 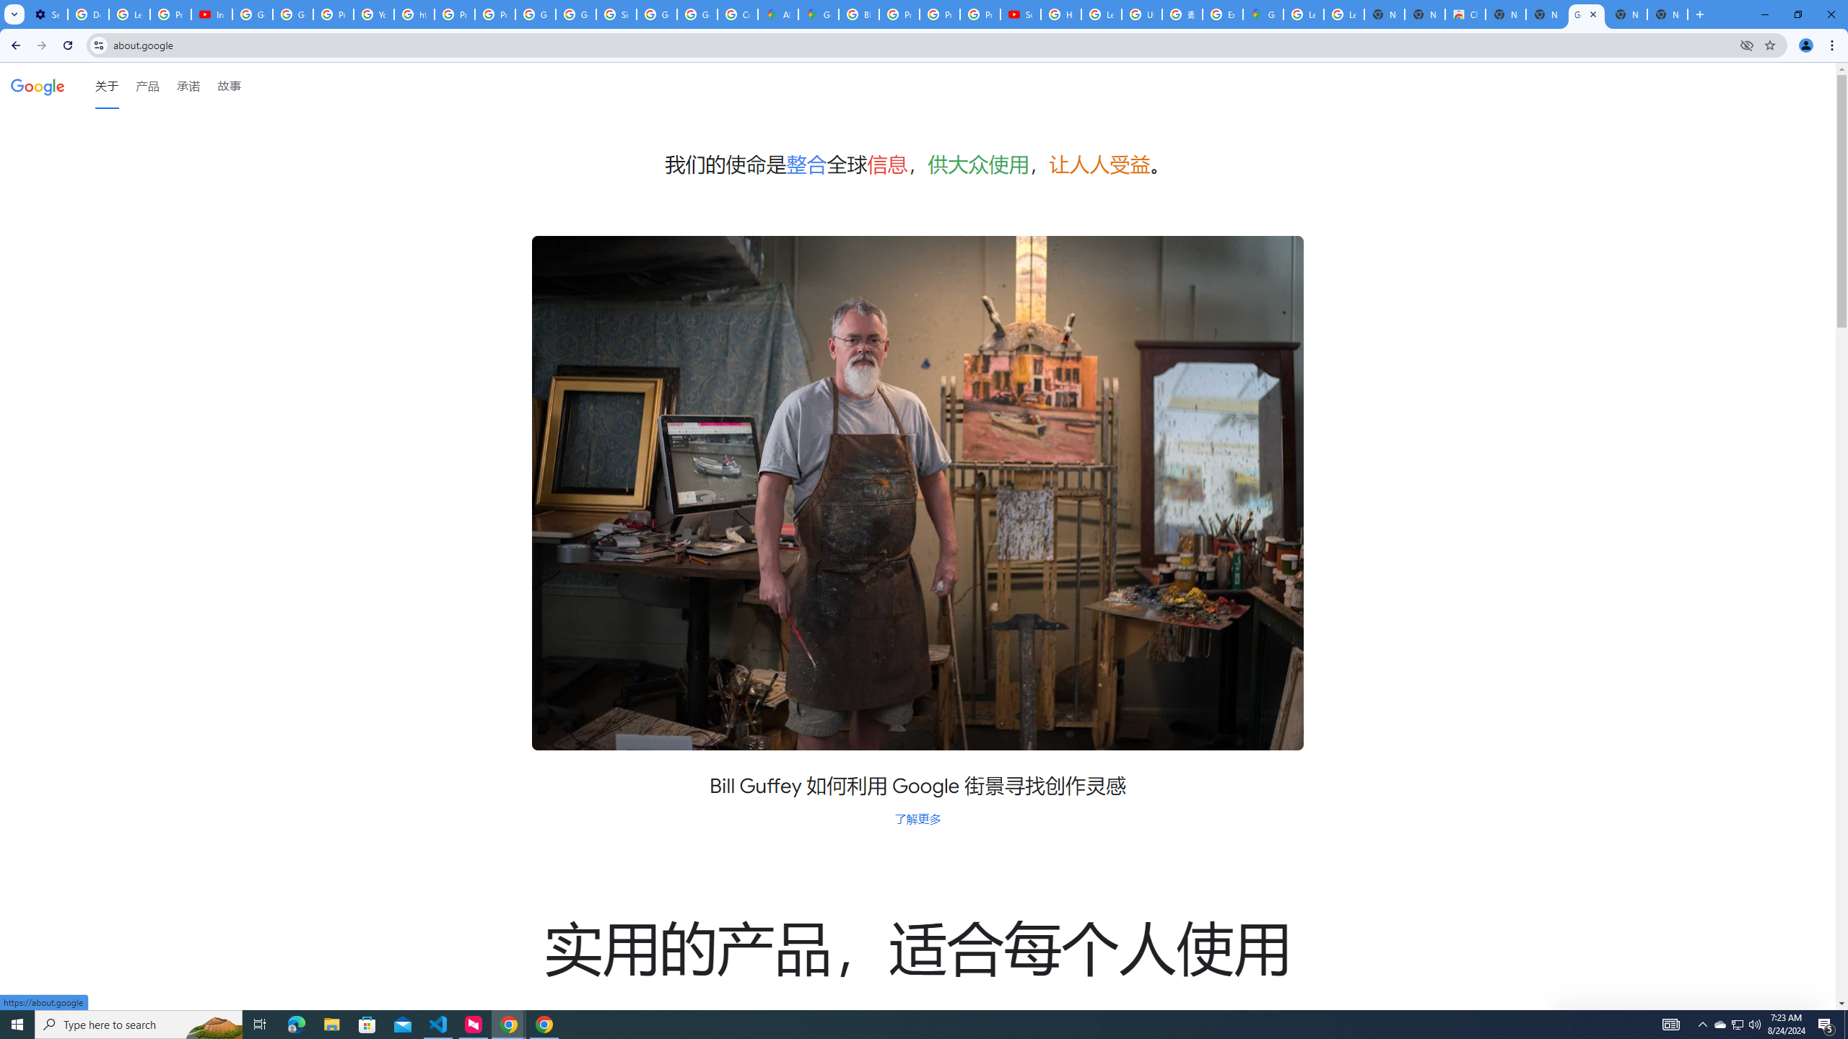 I want to click on 'Google Maps', so click(x=1262, y=14).